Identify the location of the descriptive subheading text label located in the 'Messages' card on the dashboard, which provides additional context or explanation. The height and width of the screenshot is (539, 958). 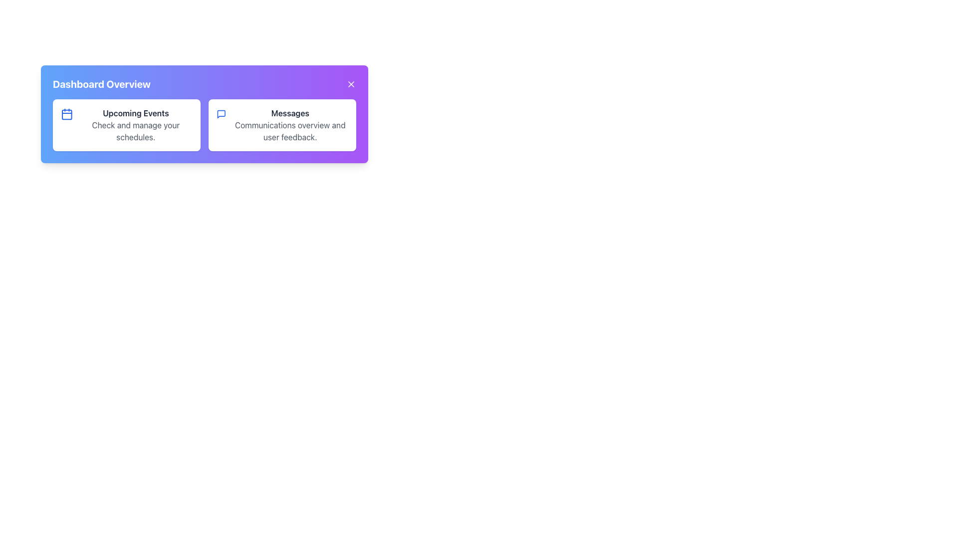
(289, 130).